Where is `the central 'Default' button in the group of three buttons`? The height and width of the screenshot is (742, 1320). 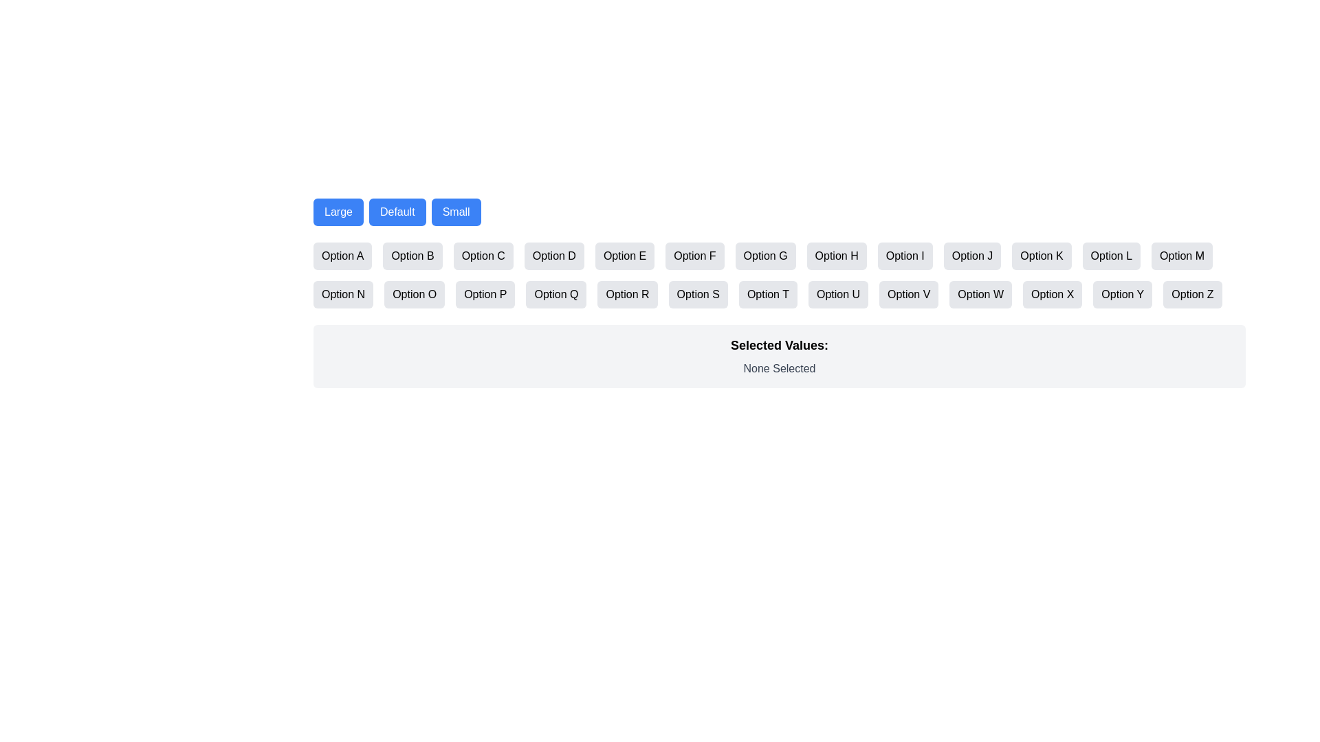 the central 'Default' button in the group of three buttons is located at coordinates (397, 212).